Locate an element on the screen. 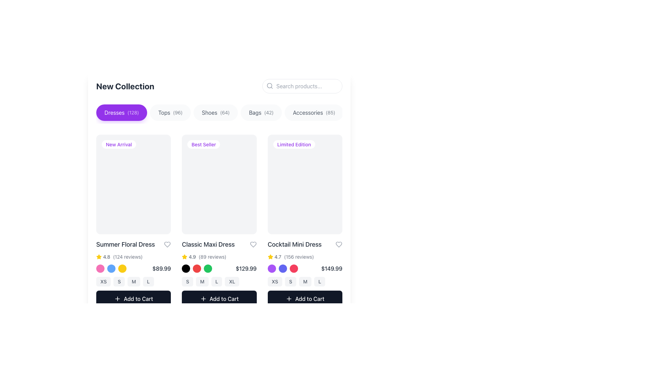 The width and height of the screenshot is (660, 371). the 'Tops' button, which is a rounded rectangular button with a light gray background and contains the text 'Tops (96)', to filter by 'Tops' is located at coordinates (170, 112).